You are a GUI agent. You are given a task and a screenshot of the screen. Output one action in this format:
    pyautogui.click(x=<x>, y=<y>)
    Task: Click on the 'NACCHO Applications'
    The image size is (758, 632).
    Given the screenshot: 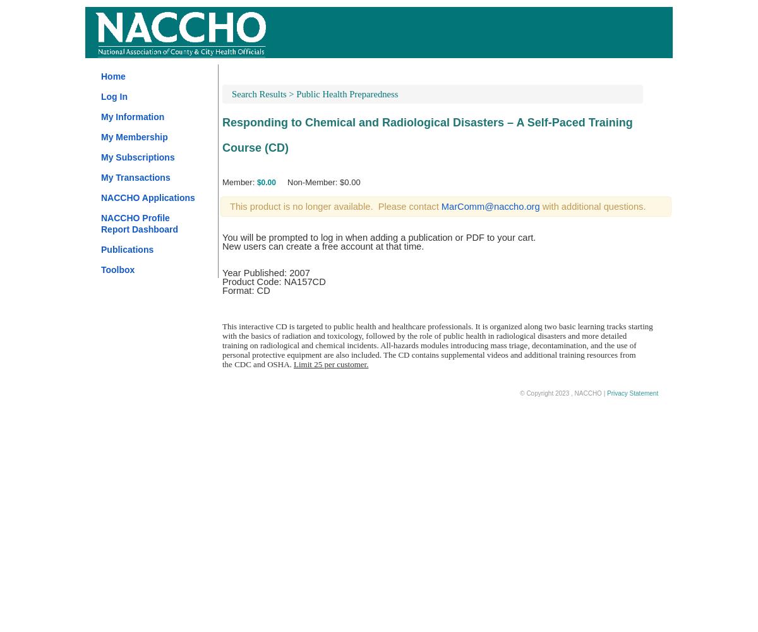 What is the action you would take?
    pyautogui.click(x=147, y=197)
    